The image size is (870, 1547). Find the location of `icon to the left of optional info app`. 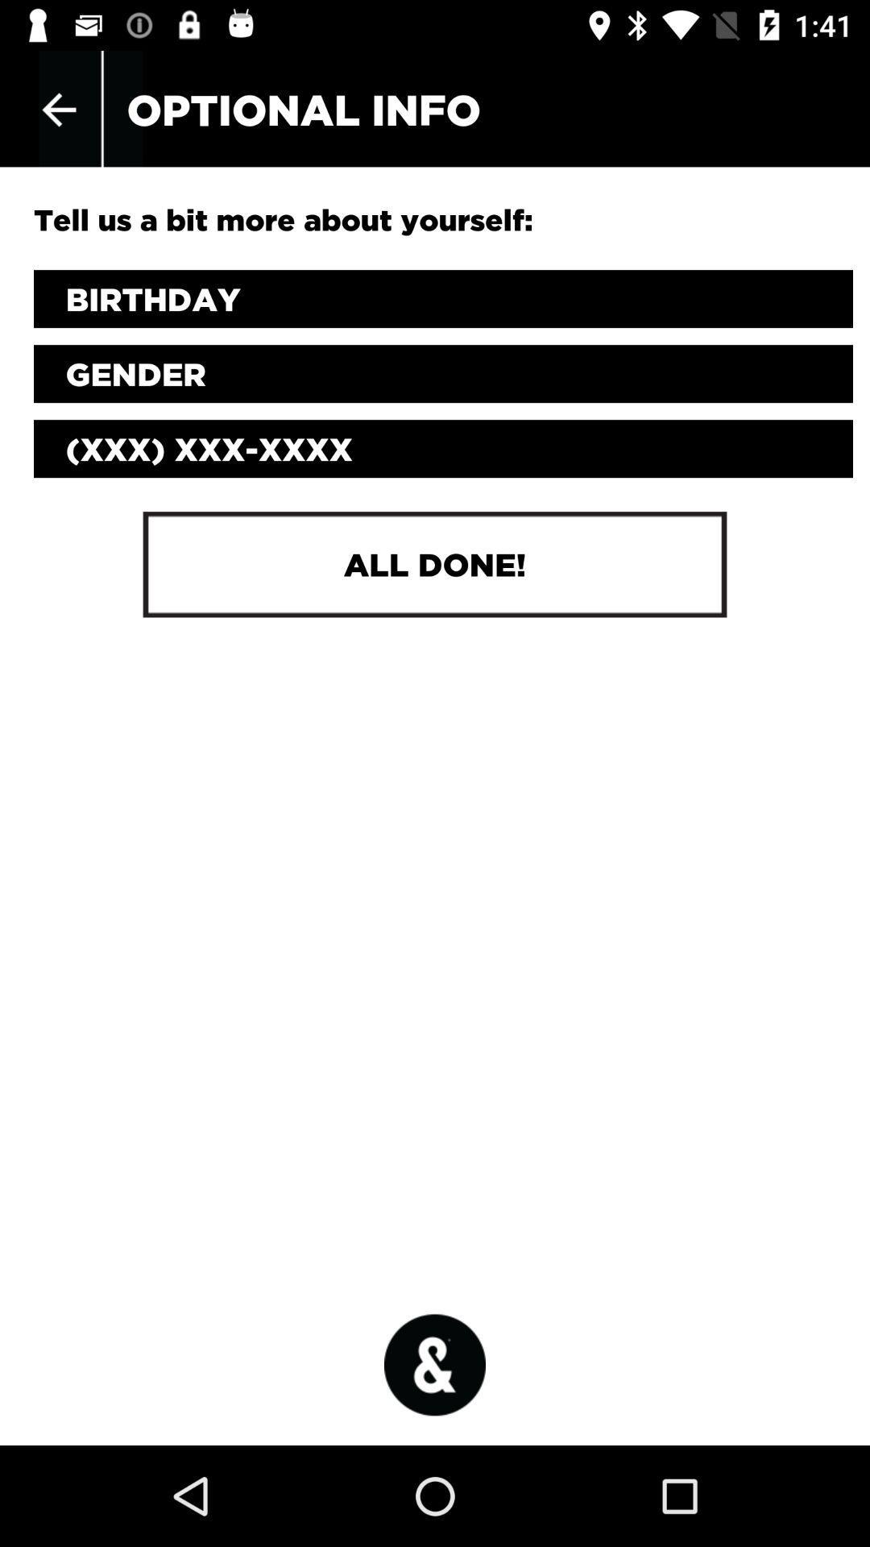

icon to the left of optional info app is located at coordinates (58, 109).